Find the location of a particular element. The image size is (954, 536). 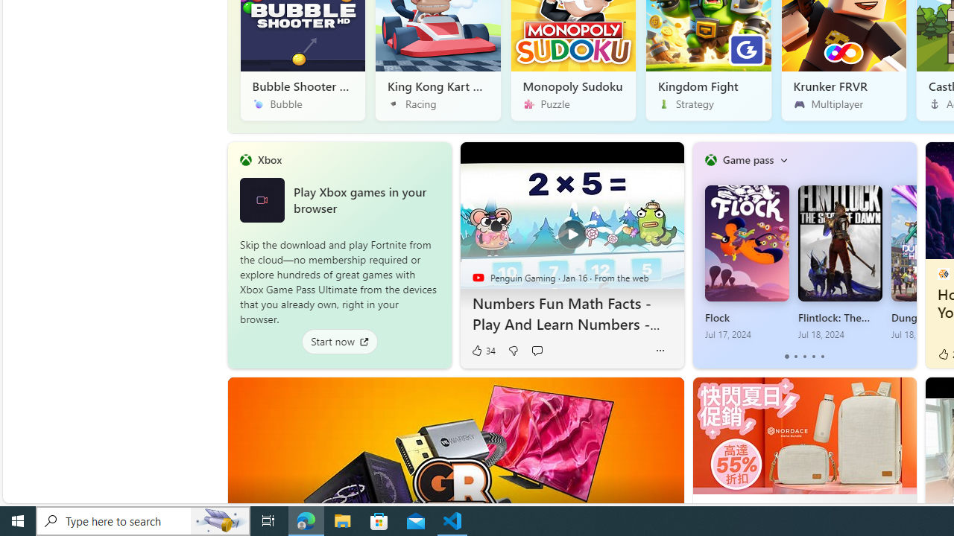

'Start now' is located at coordinates (338, 341).